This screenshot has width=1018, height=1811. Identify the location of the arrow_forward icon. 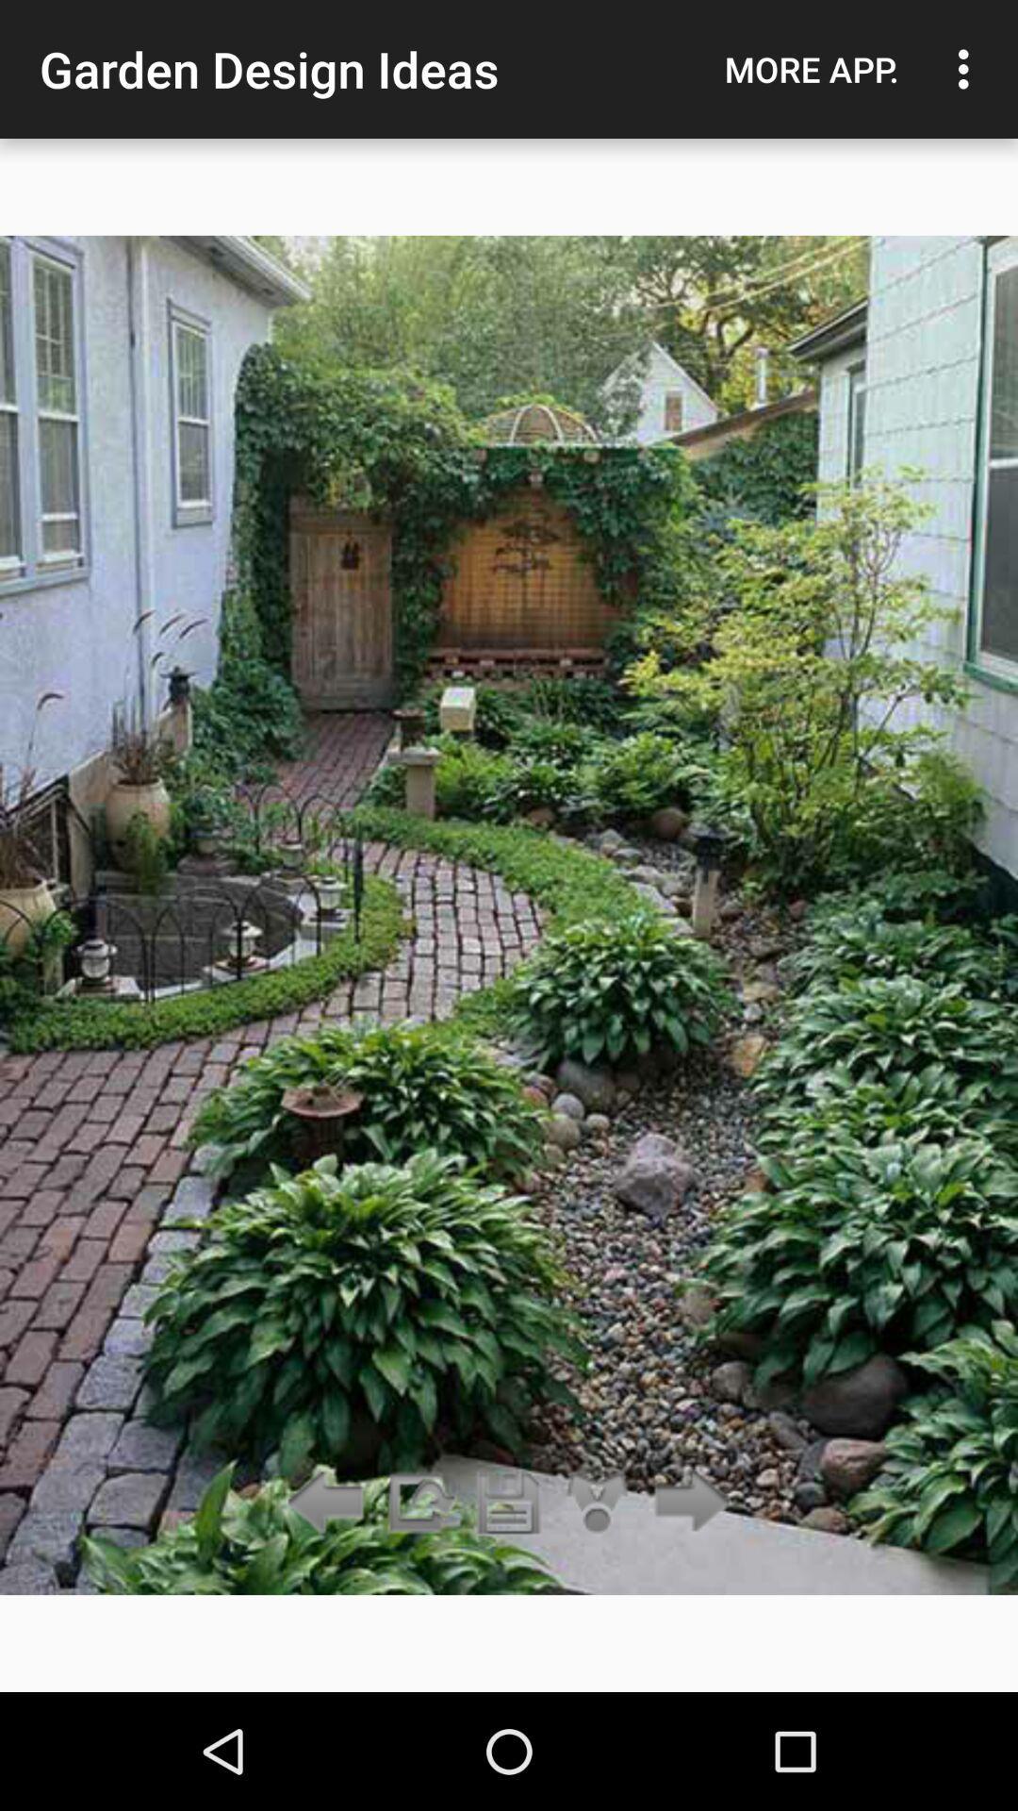
(687, 1503).